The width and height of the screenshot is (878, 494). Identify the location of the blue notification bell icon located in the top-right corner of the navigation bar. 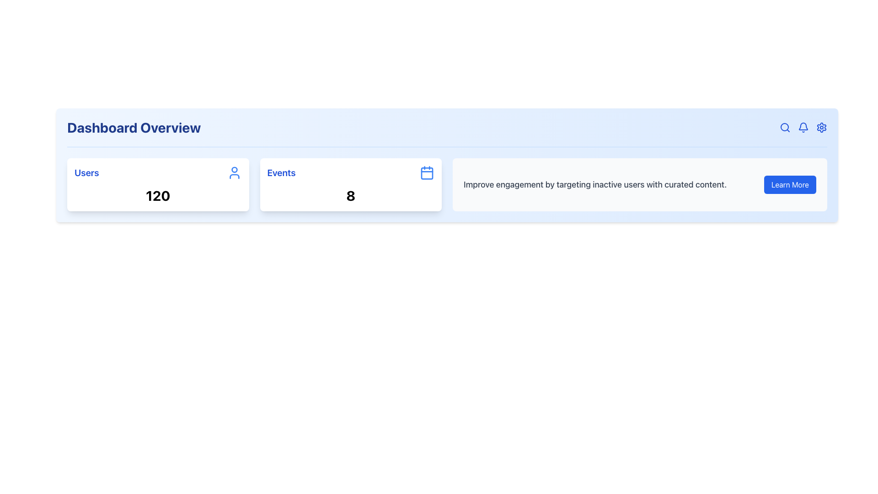
(803, 127).